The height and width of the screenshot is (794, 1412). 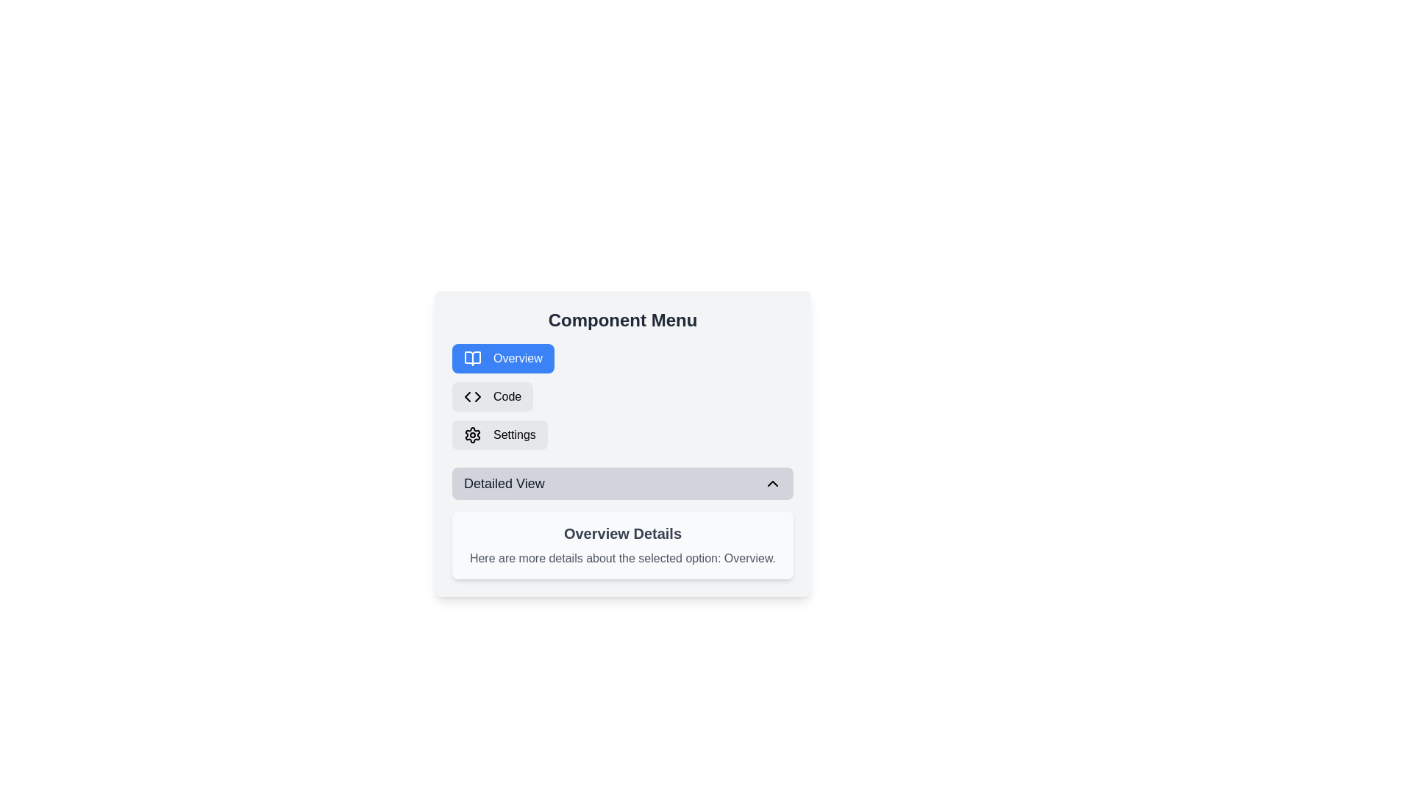 I want to click on the settings button located in the third position of a vertical stack of options, so click(x=499, y=434).